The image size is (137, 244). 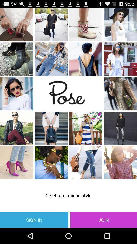 I want to click on item to the left of join icon, so click(x=34, y=220).